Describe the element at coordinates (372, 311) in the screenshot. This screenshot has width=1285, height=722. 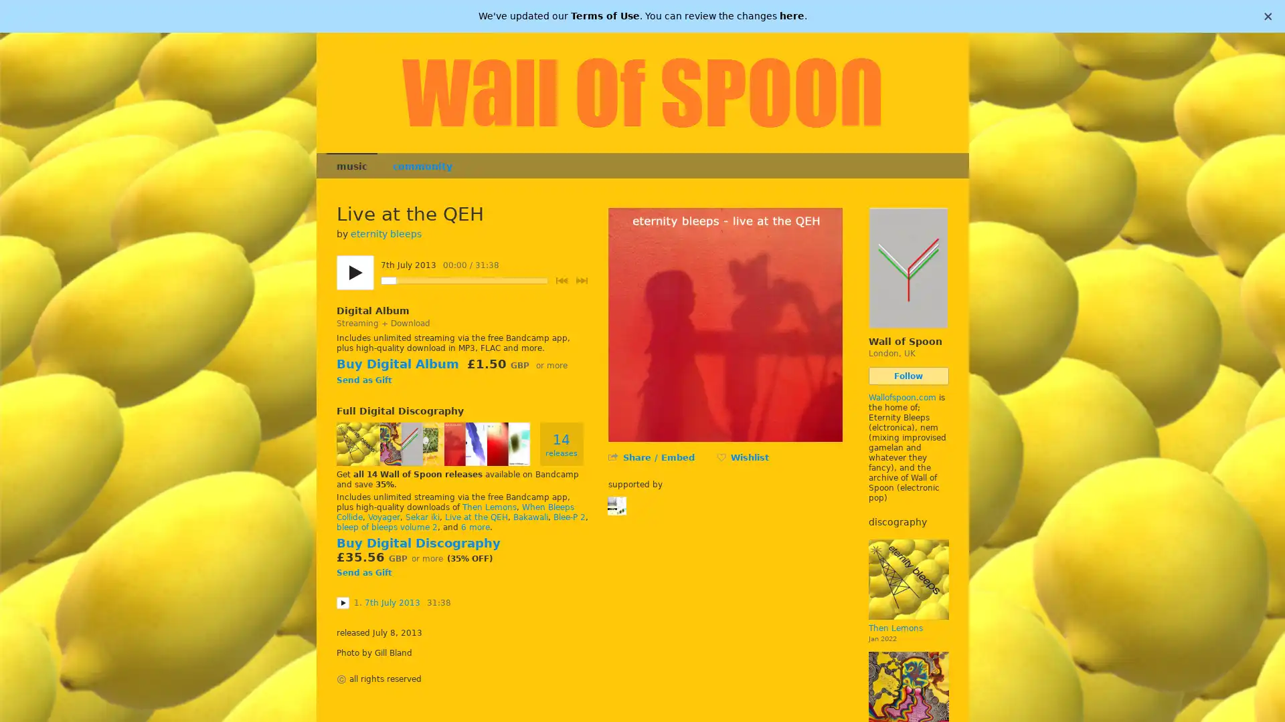
I see `Digital Album` at that location.